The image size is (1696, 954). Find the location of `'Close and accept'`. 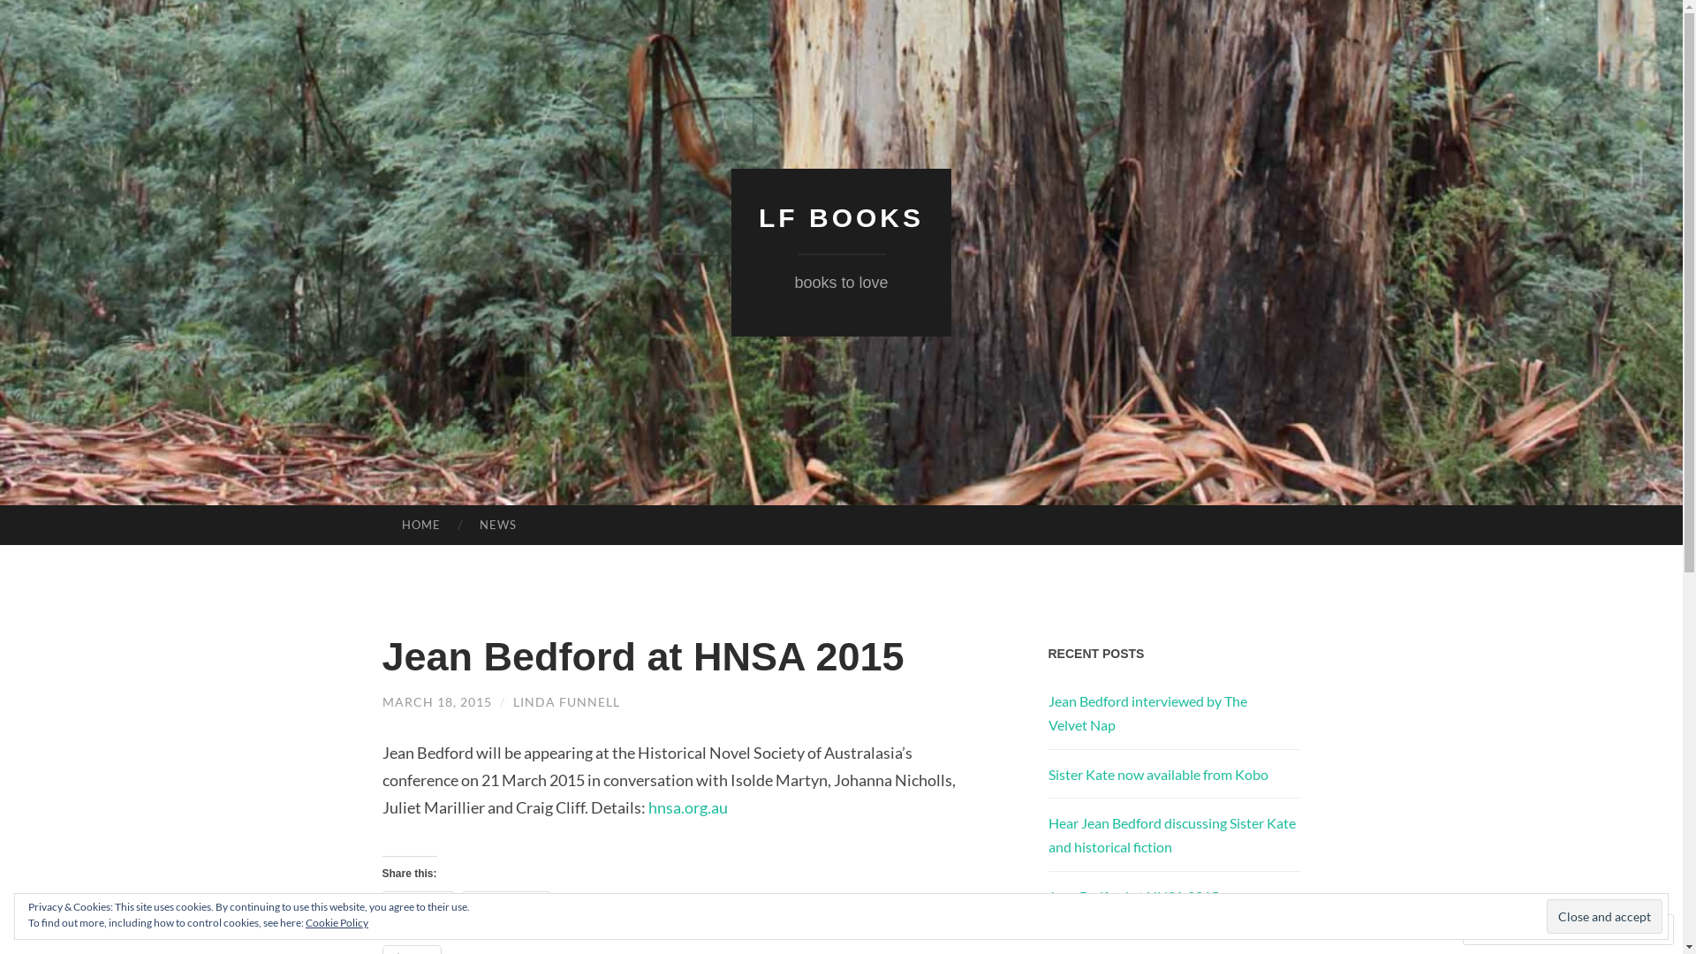

'Close and accept' is located at coordinates (1604, 915).